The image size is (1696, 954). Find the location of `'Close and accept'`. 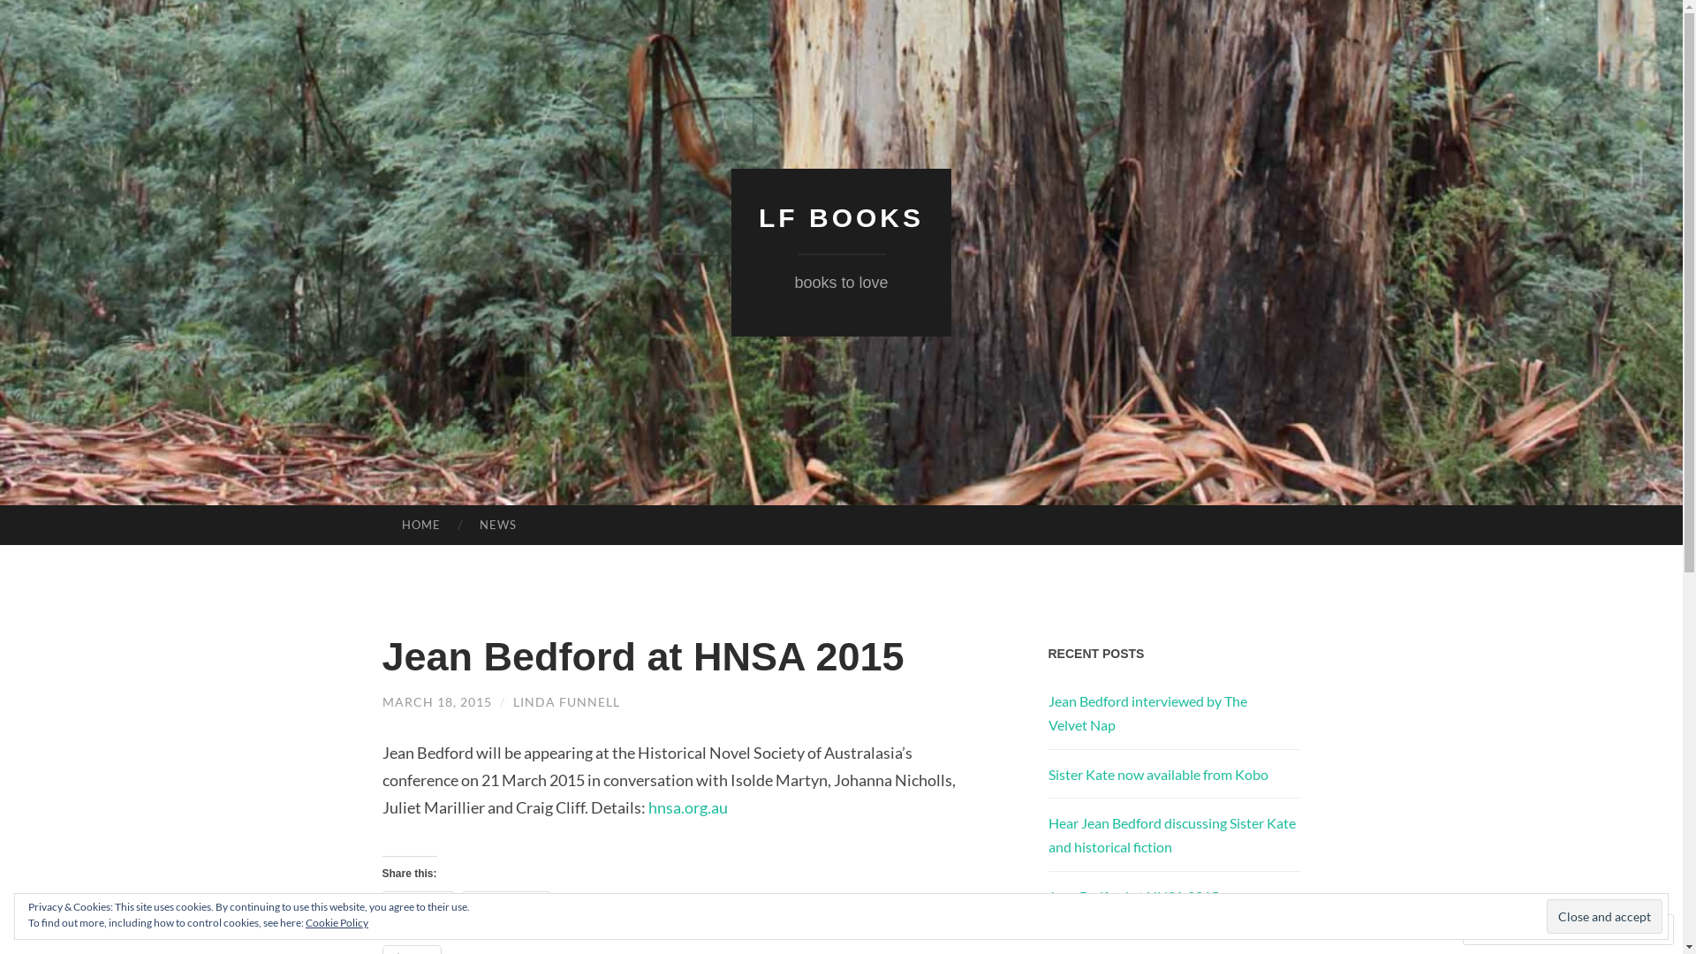

'Close and accept' is located at coordinates (1604, 915).